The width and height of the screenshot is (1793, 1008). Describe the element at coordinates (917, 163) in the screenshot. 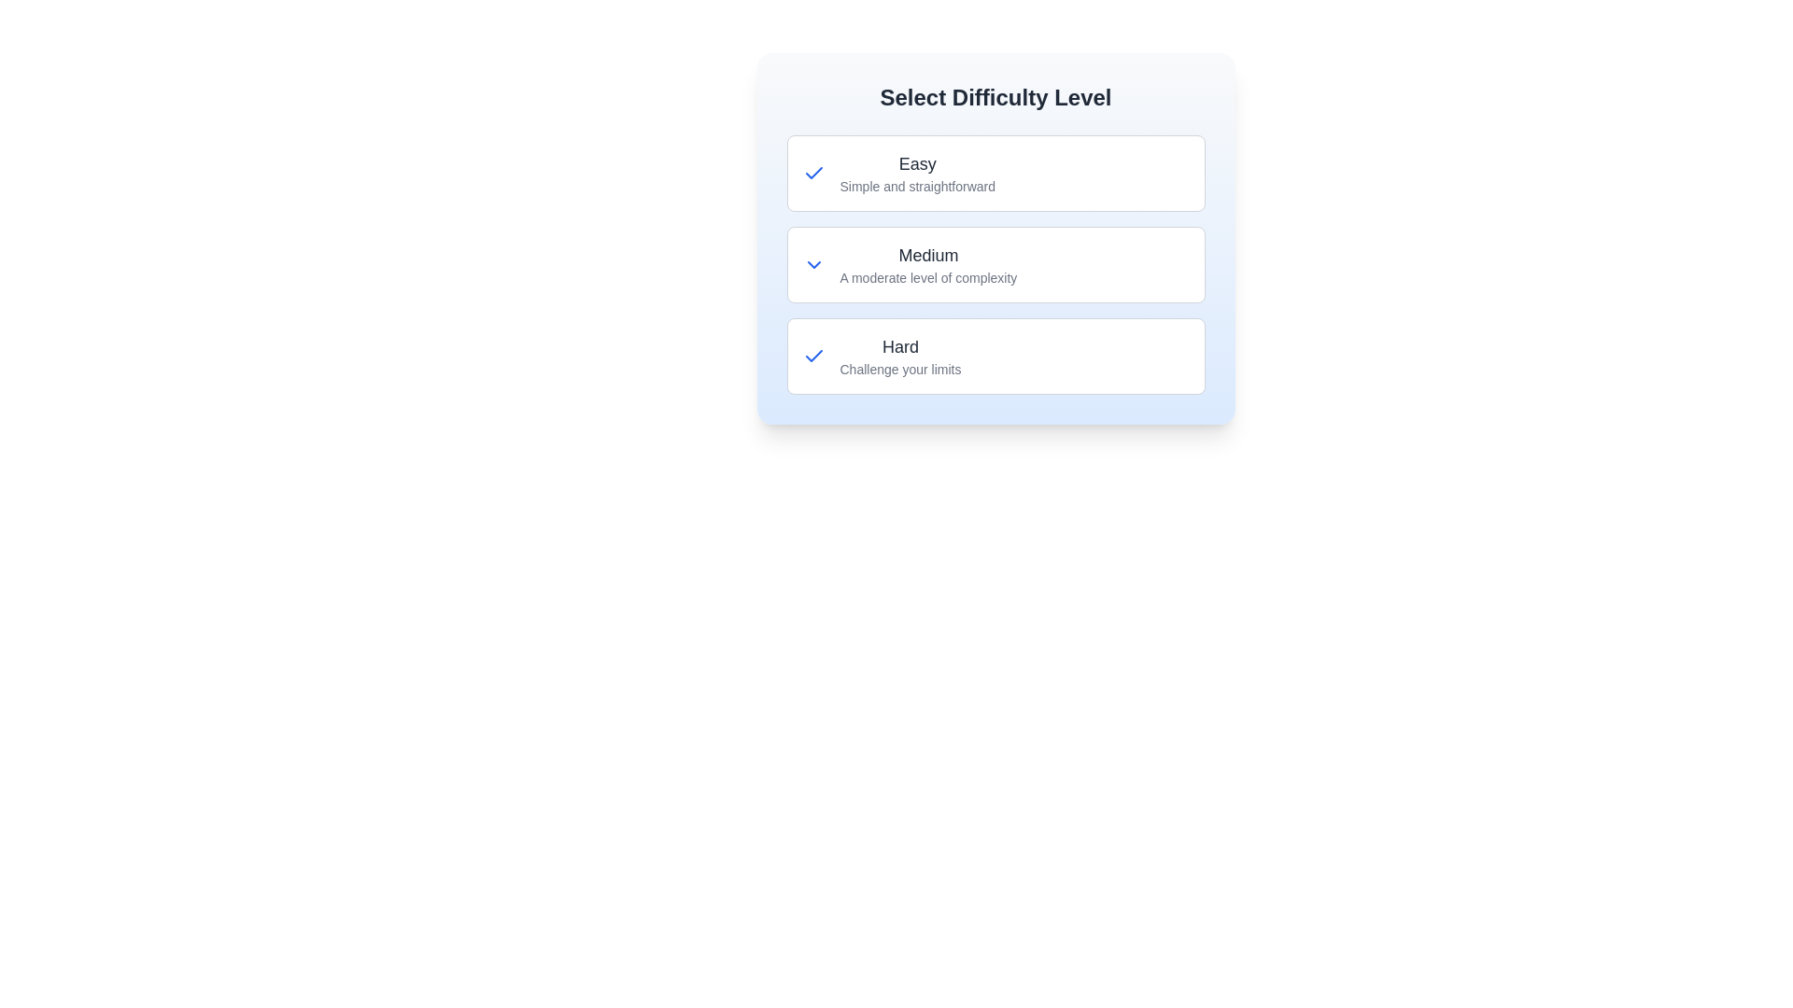

I see `the 'Easy' text label, which serves as a heading for the corresponding difficulty level in the selection menu` at that location.